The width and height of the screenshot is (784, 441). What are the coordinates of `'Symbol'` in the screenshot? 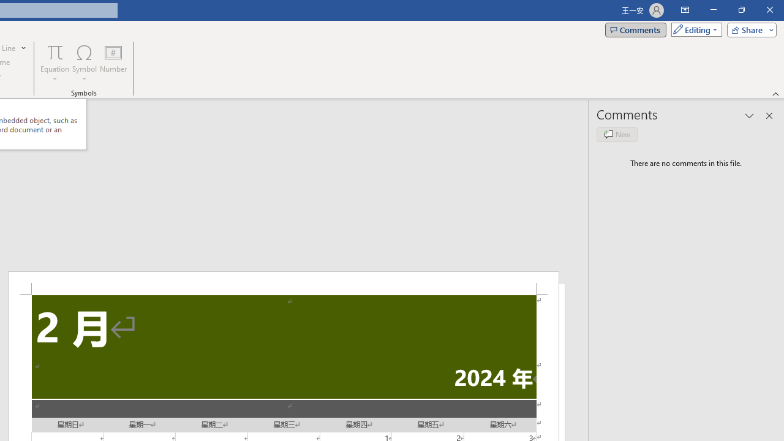 It's located at (84, 63).